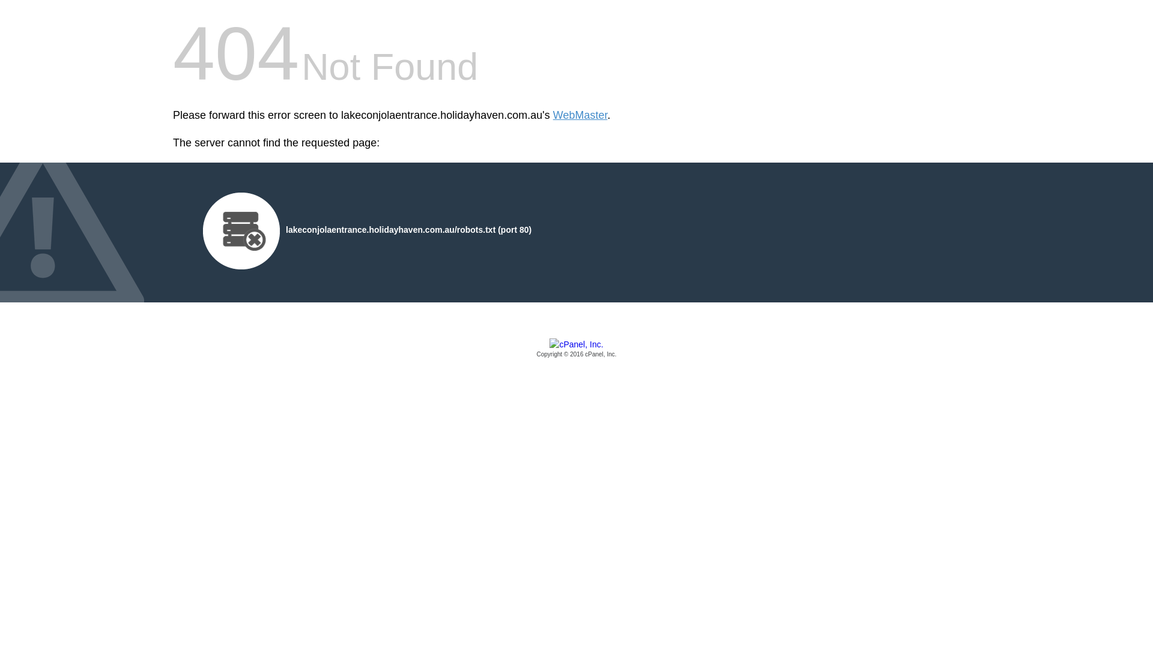 The width and height of the screenshot is (1153, 648). I want to click on 'WebMaster', so click(580, 115).